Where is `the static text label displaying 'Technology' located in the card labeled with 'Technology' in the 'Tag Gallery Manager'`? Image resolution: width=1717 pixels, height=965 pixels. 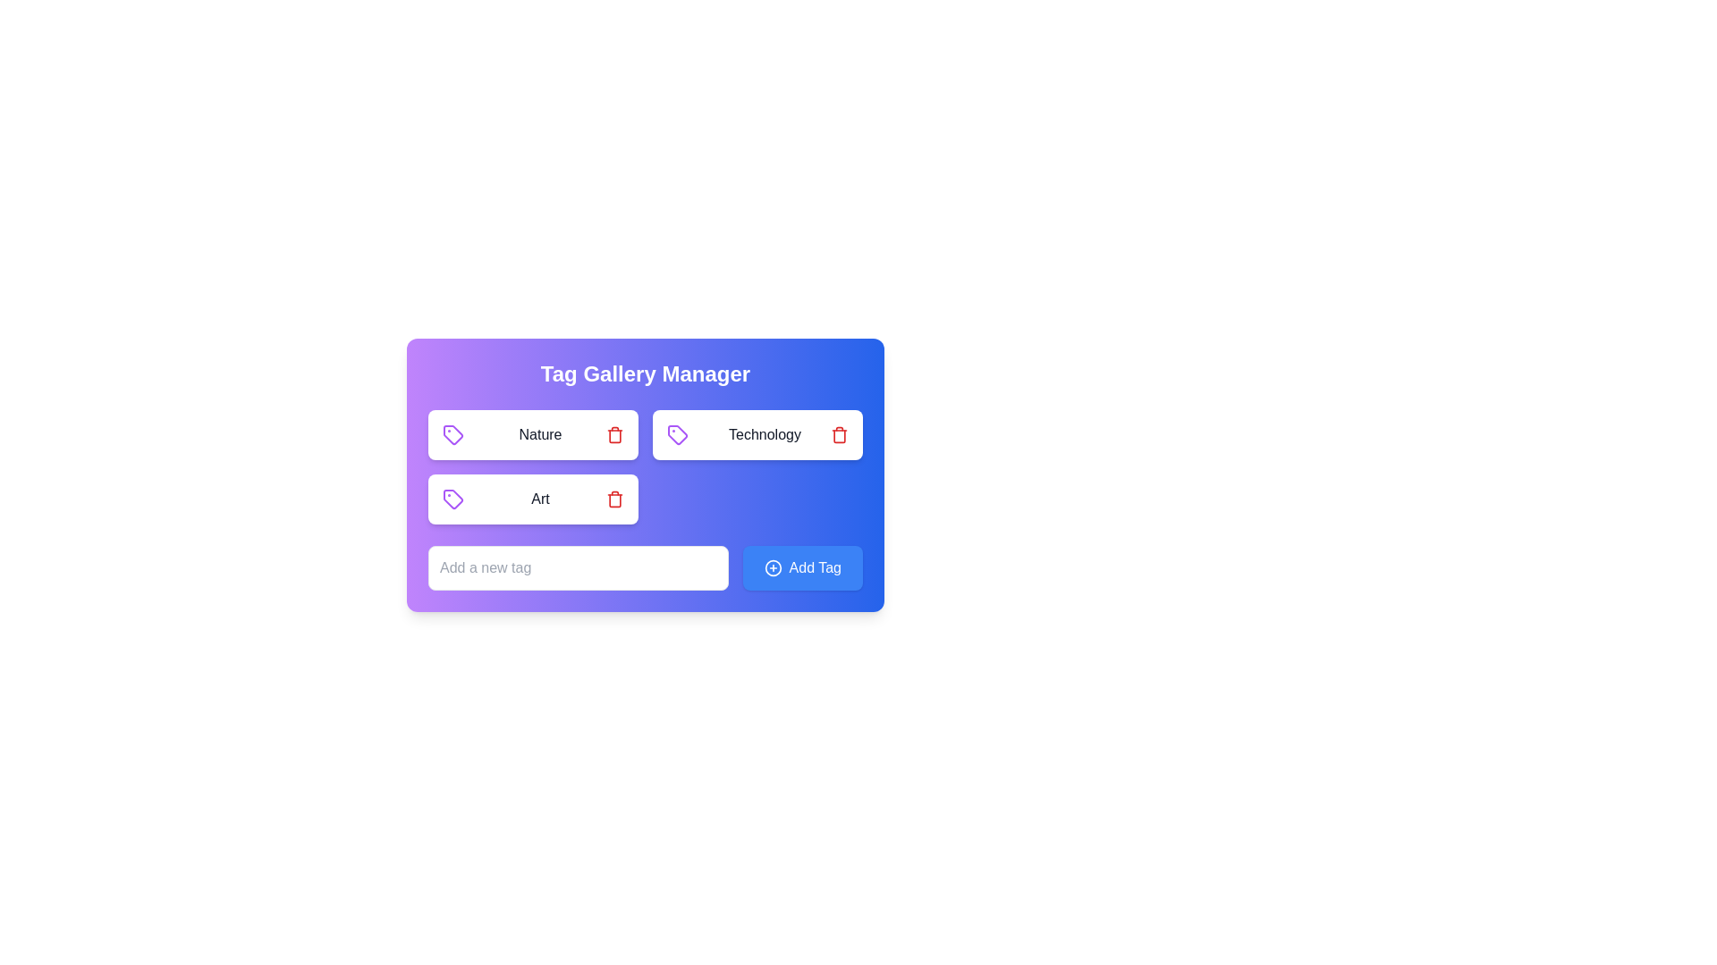
the static text label displaying 'Technology' located in the card labeled with 'Technology' in the 'Tag Gallery Manager' is located at coordinates (765, 434).